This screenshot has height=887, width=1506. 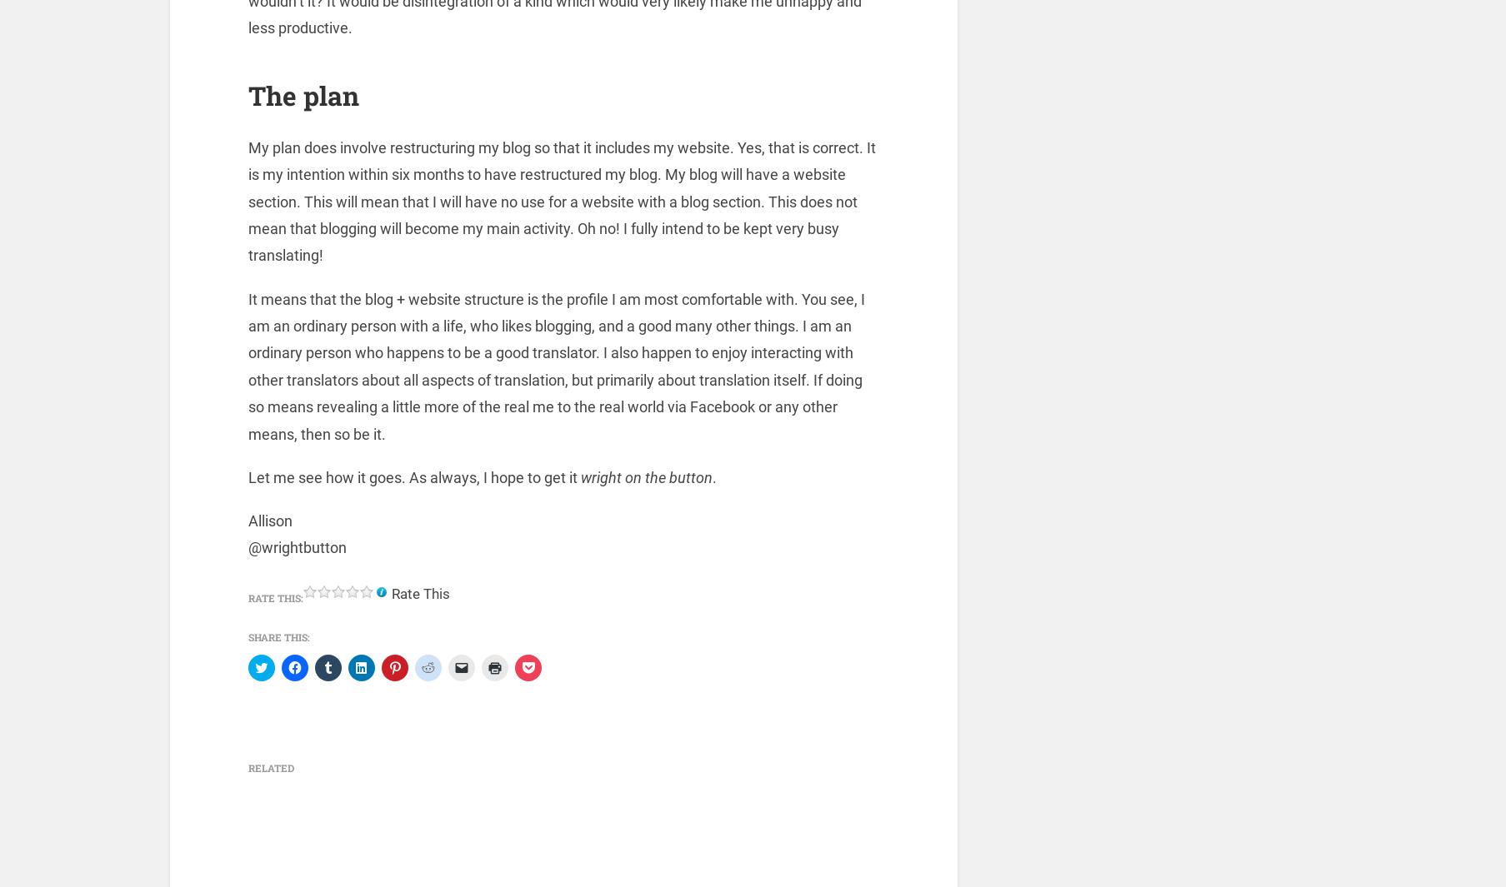 I want to click on 'Share this:', so click(x=279, y=640).